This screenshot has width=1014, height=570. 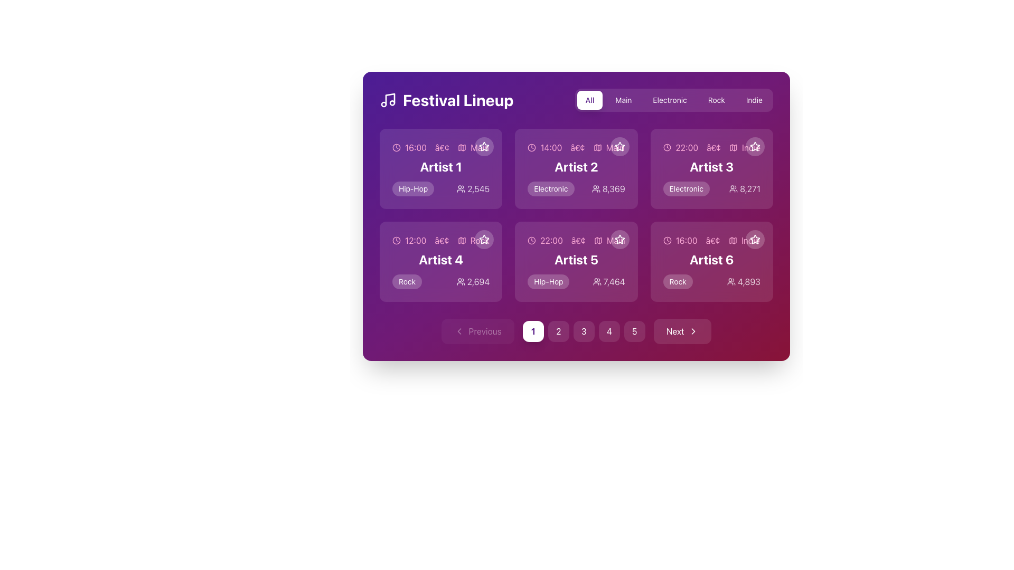 I want to click on the informational text displaying the time ('12:00') and genre ('rock') for 'Artist 4' located at the top-left section of the card in the 'Festival Lineup' grid, so click(x=441, y=240).